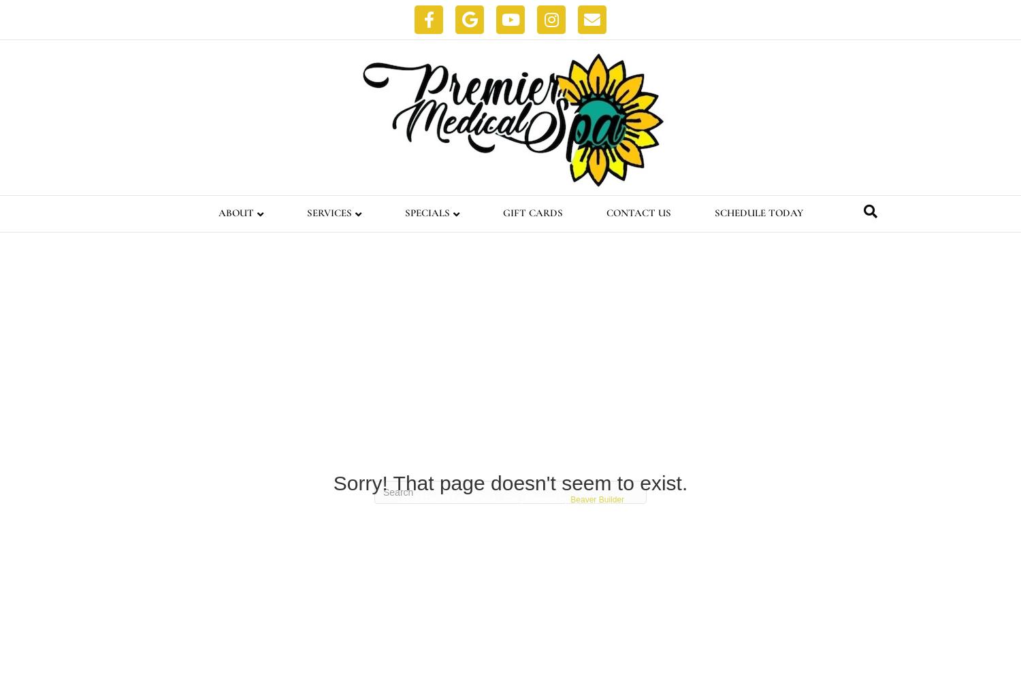 The height and width of the screenshot is (680, 1021). What do you see at coordinates (525, 499) in the screenshot?
I see `'Powered by'` at bounding box center [525, 499].